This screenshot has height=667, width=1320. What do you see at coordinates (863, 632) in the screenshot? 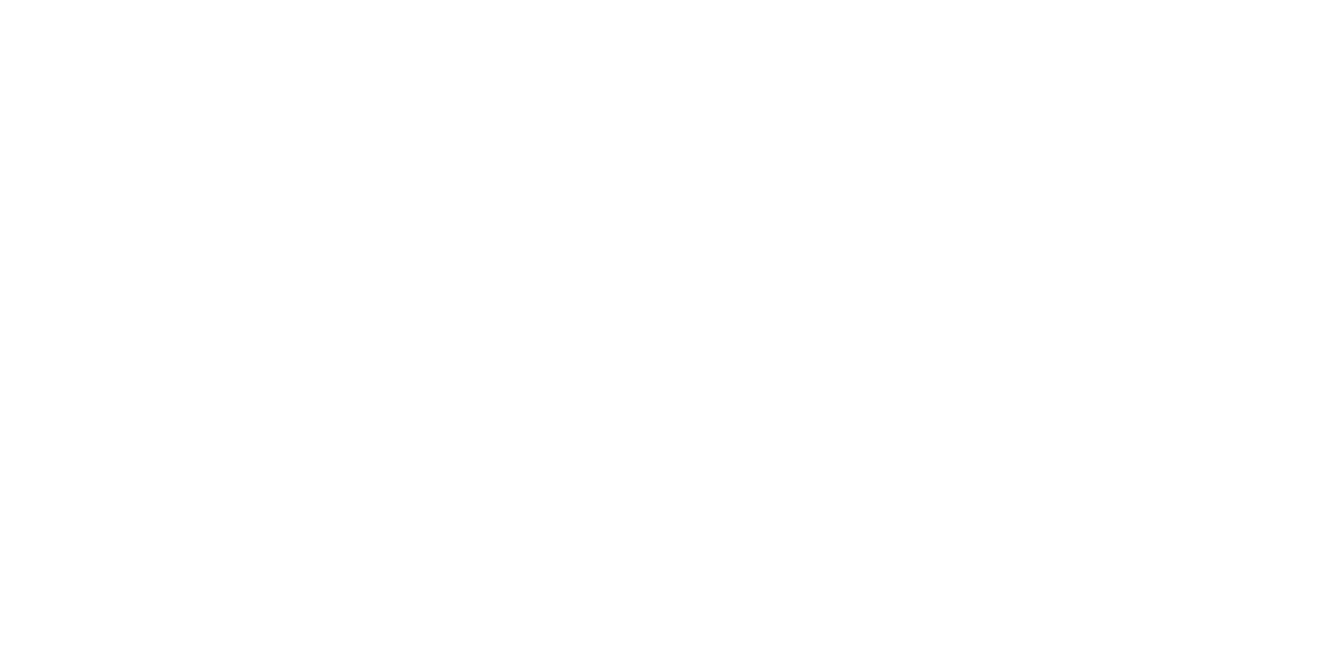
I see `'2010'` at bounding box center [863, 632].